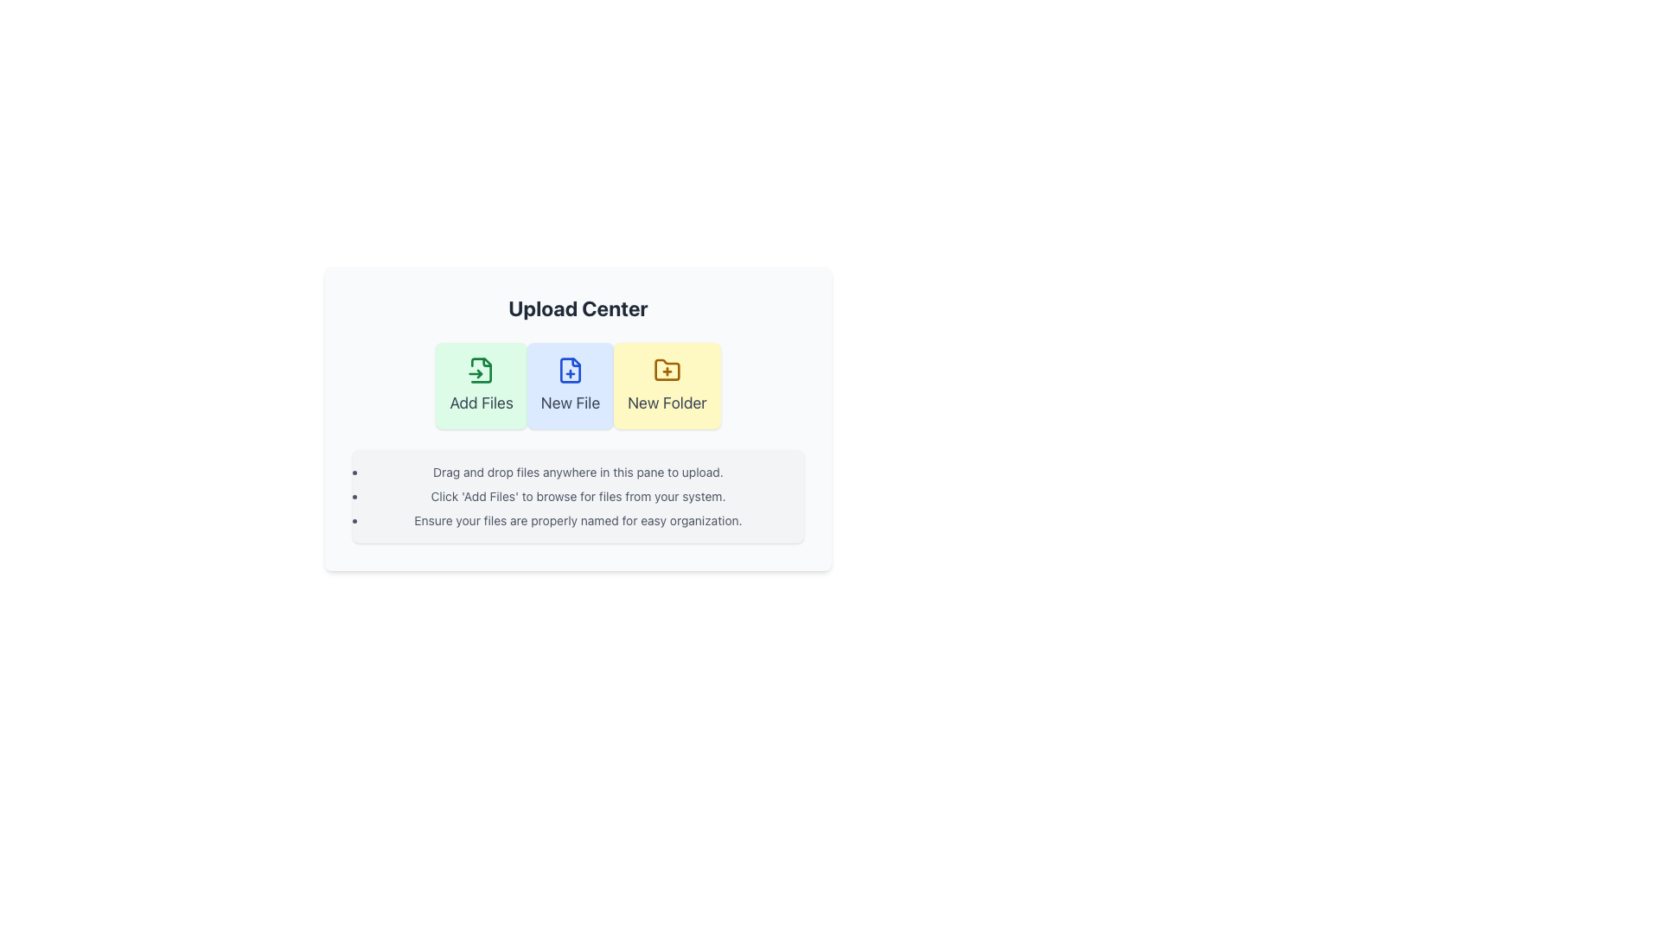 This screenshot has width=1660, height=933. What do you see at coordinates (578, 496) in the screenshot?
I see `instructional message that informs users about the functionality of the 'Add Files' option, located between the messages about file upload and naming` at bounding box center [578, 496].